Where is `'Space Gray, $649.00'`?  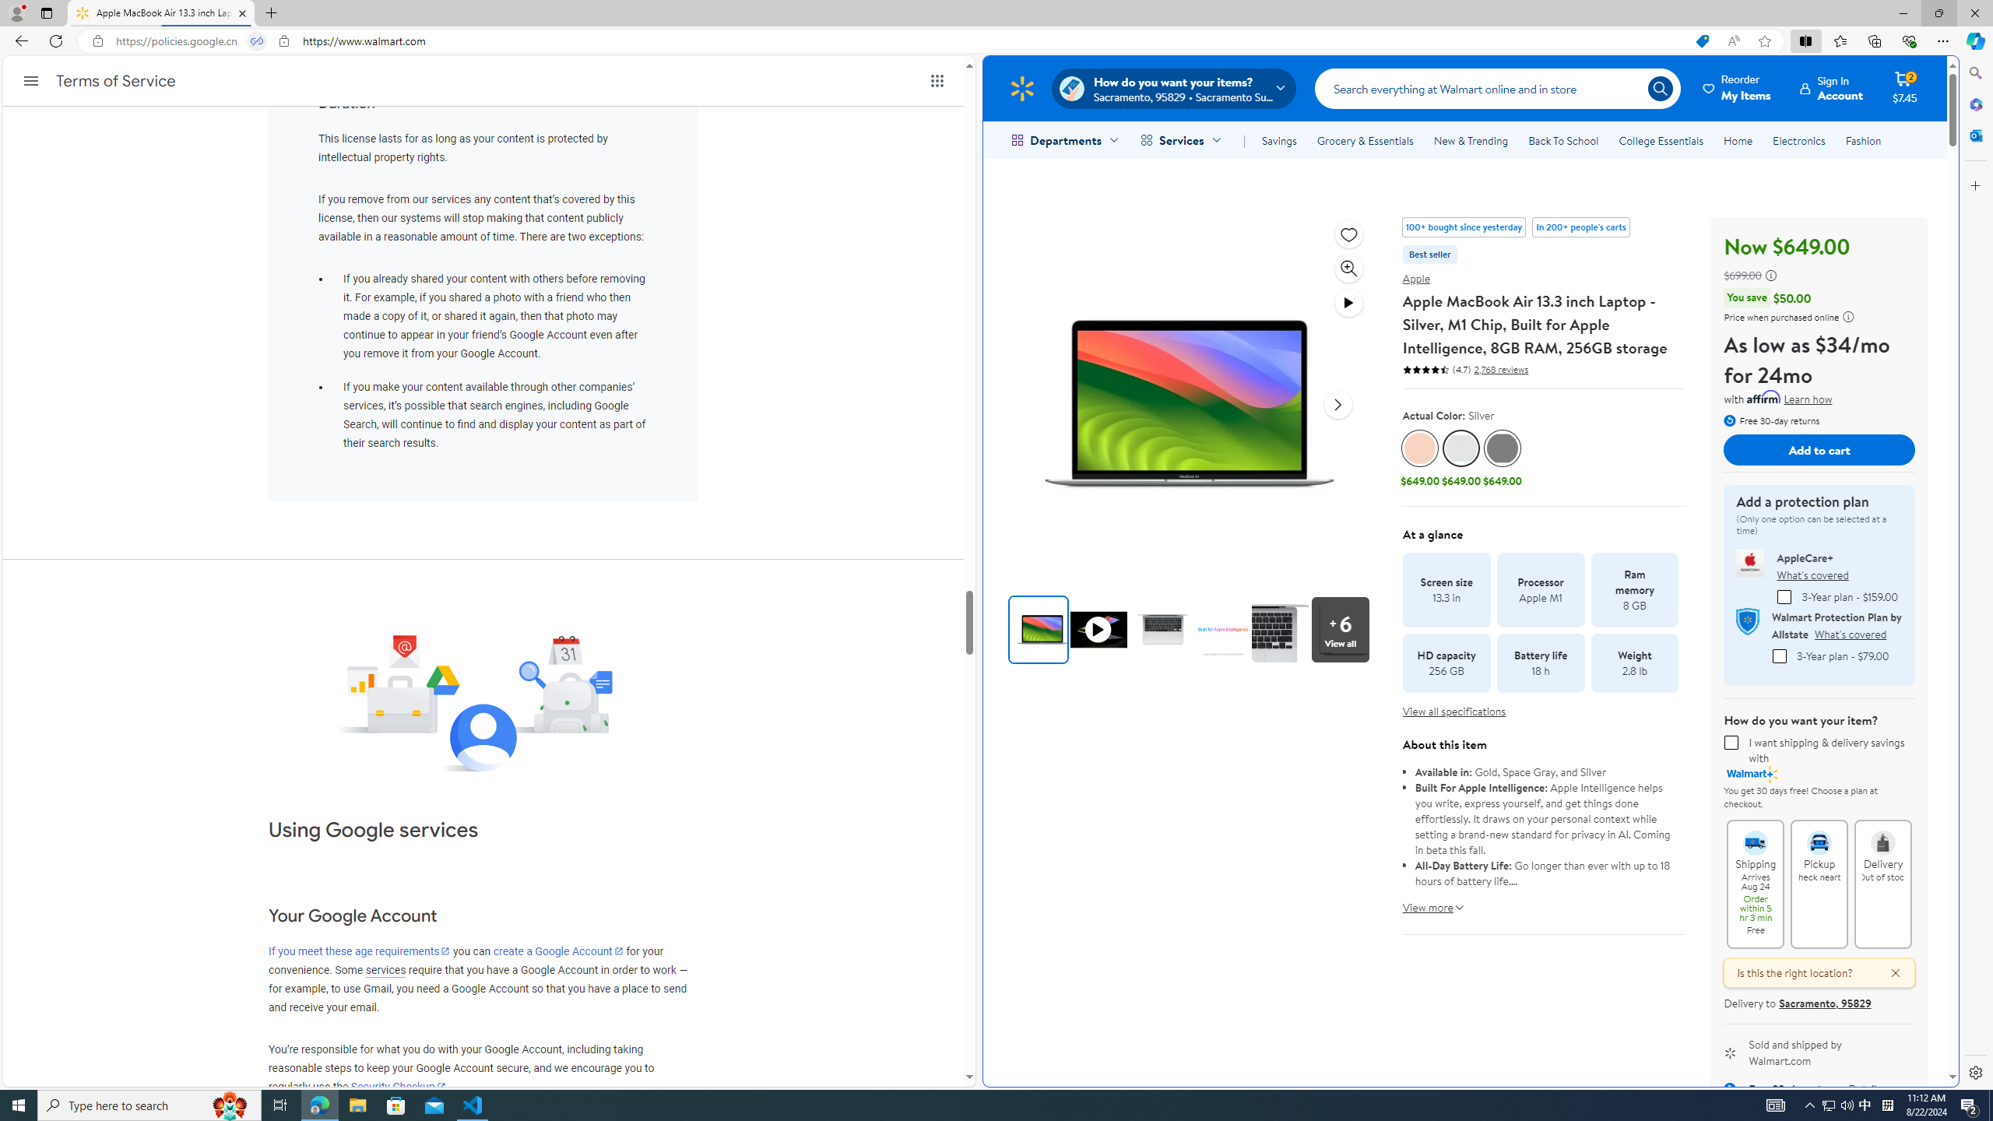 'Space Gray, $649.00' is located at coordinates (1501, 459).